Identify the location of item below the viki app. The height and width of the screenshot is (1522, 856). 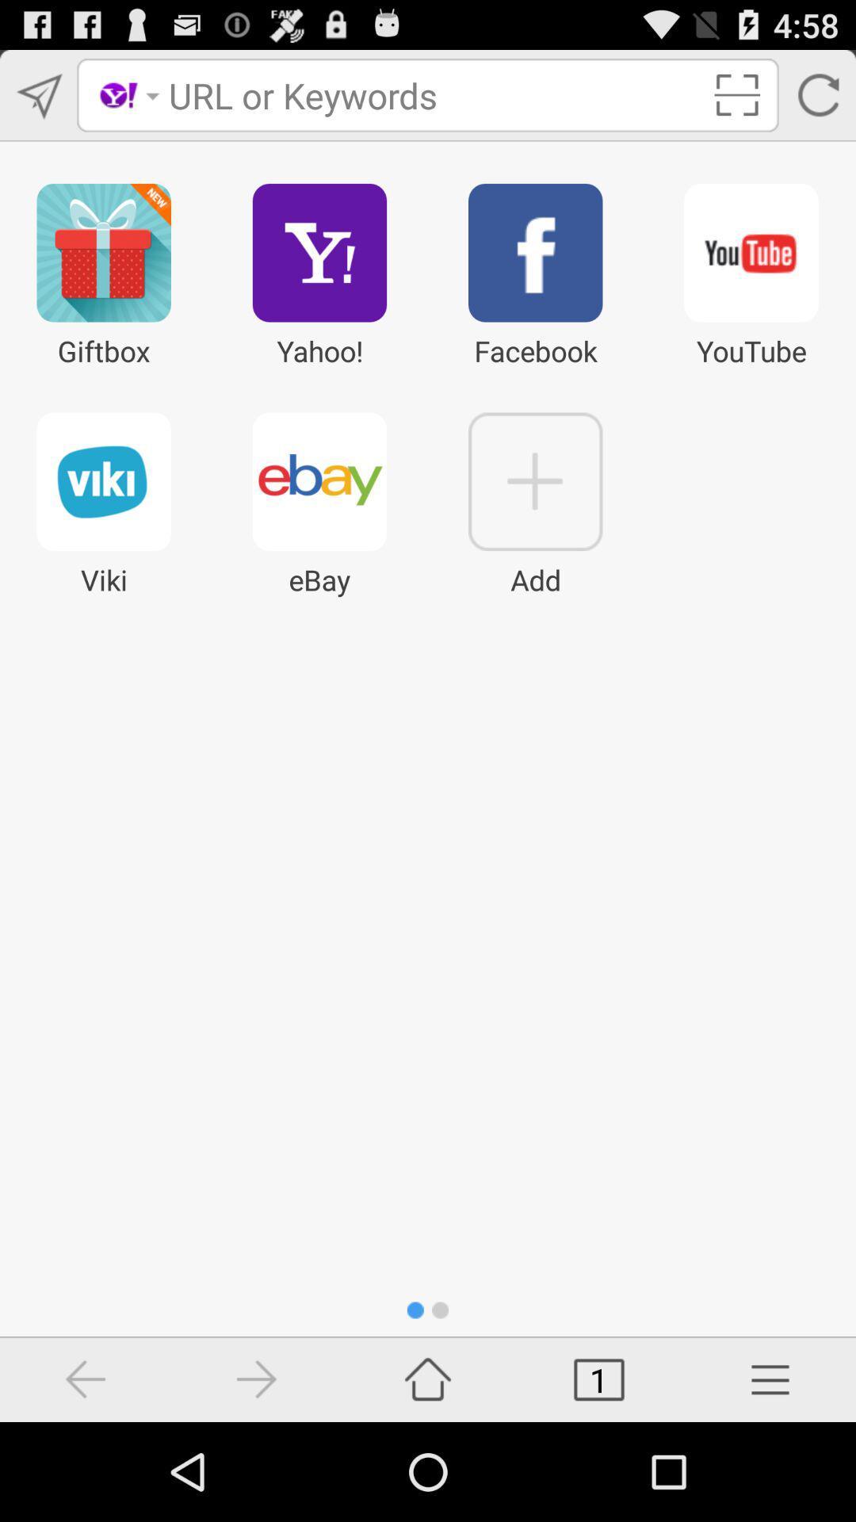
(86, 1379).